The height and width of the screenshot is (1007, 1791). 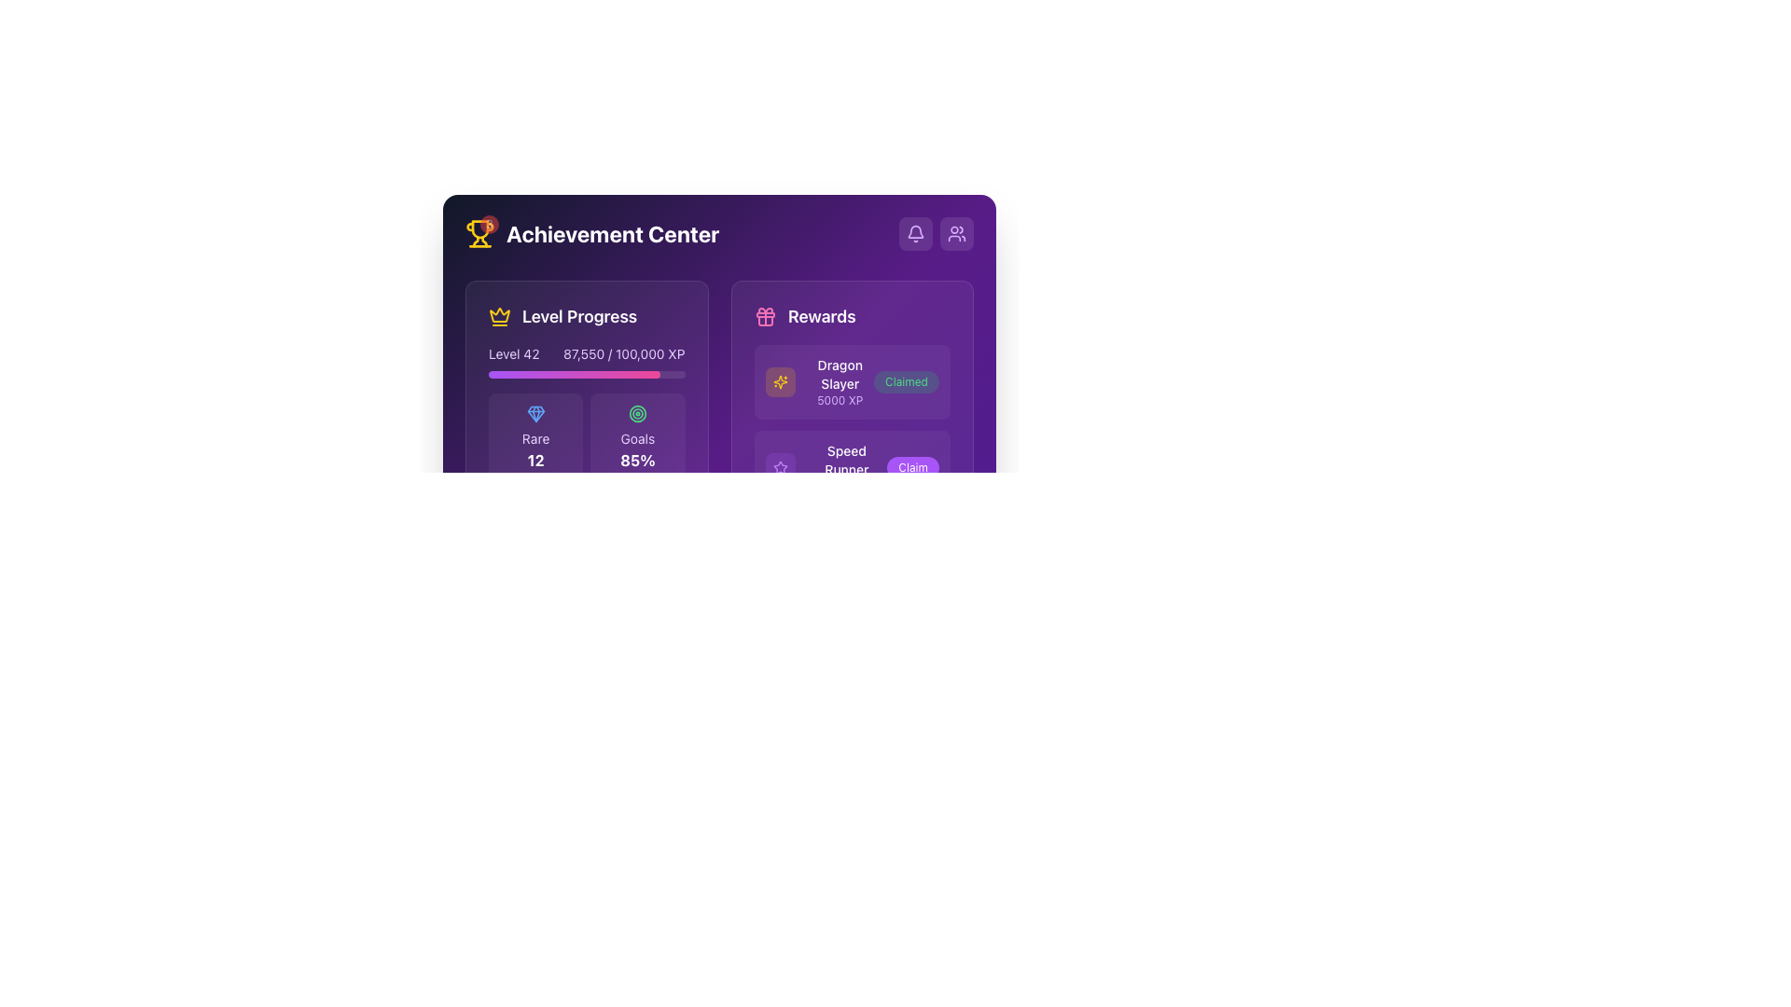 What do you see at coordinates (851, 315) in the screenshot?
I see `the 'Rewards' header label with a pink gift box icon, which is prominently styled and located in the top-right quadrant of the layout` at bounding box center [851, 315].